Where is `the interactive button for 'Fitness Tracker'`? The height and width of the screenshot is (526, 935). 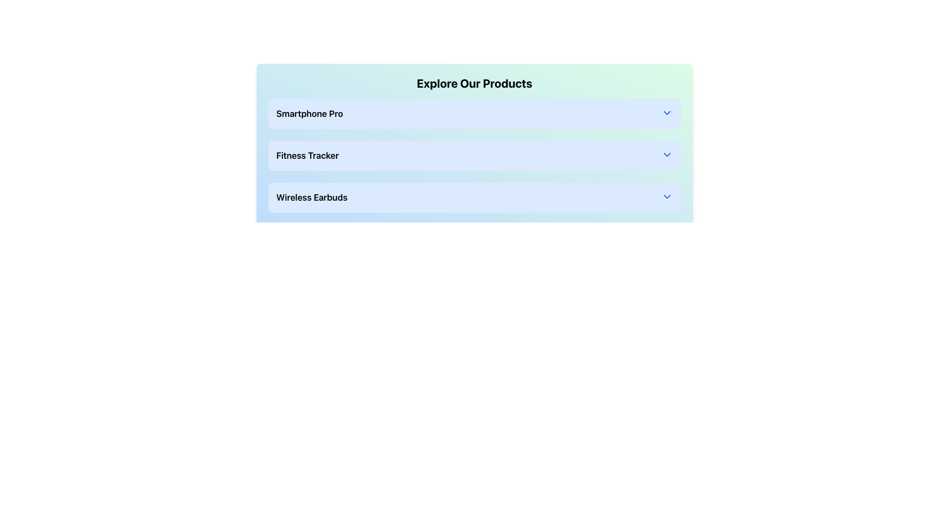
the interactive button for 'Fitness Tracker' is located at coordinates (474, 155).